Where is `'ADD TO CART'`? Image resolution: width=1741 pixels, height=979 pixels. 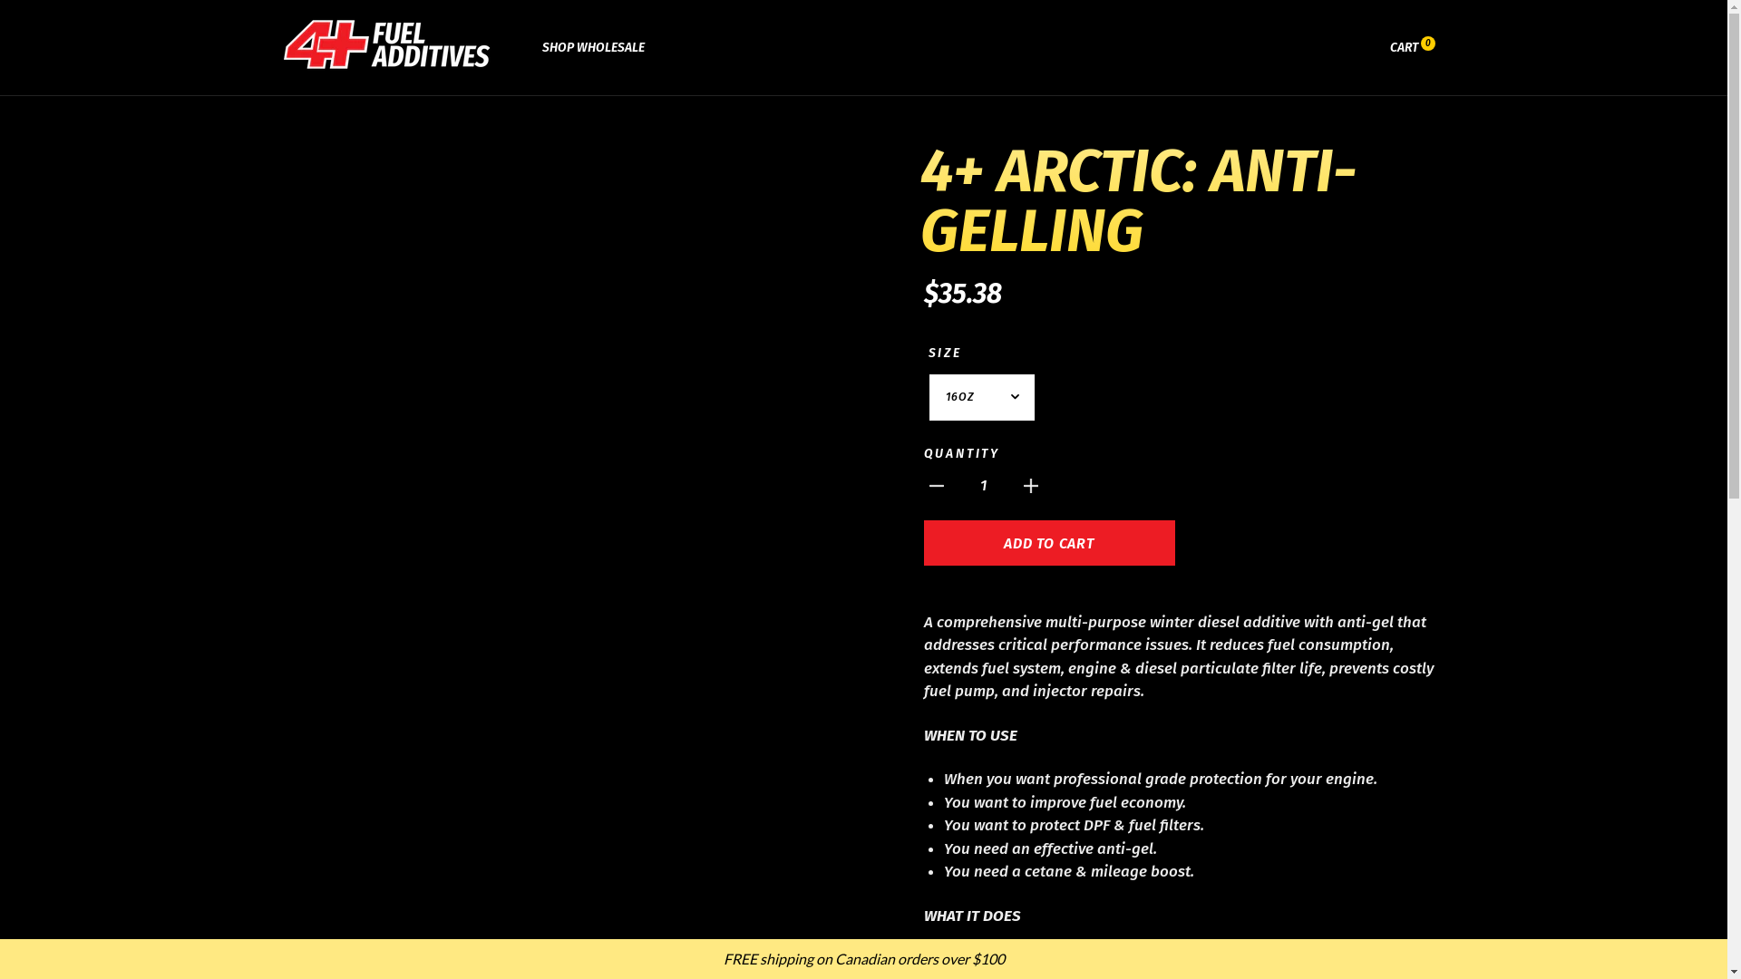
'ADD TO CART' is located at coordinates (1048, 541).